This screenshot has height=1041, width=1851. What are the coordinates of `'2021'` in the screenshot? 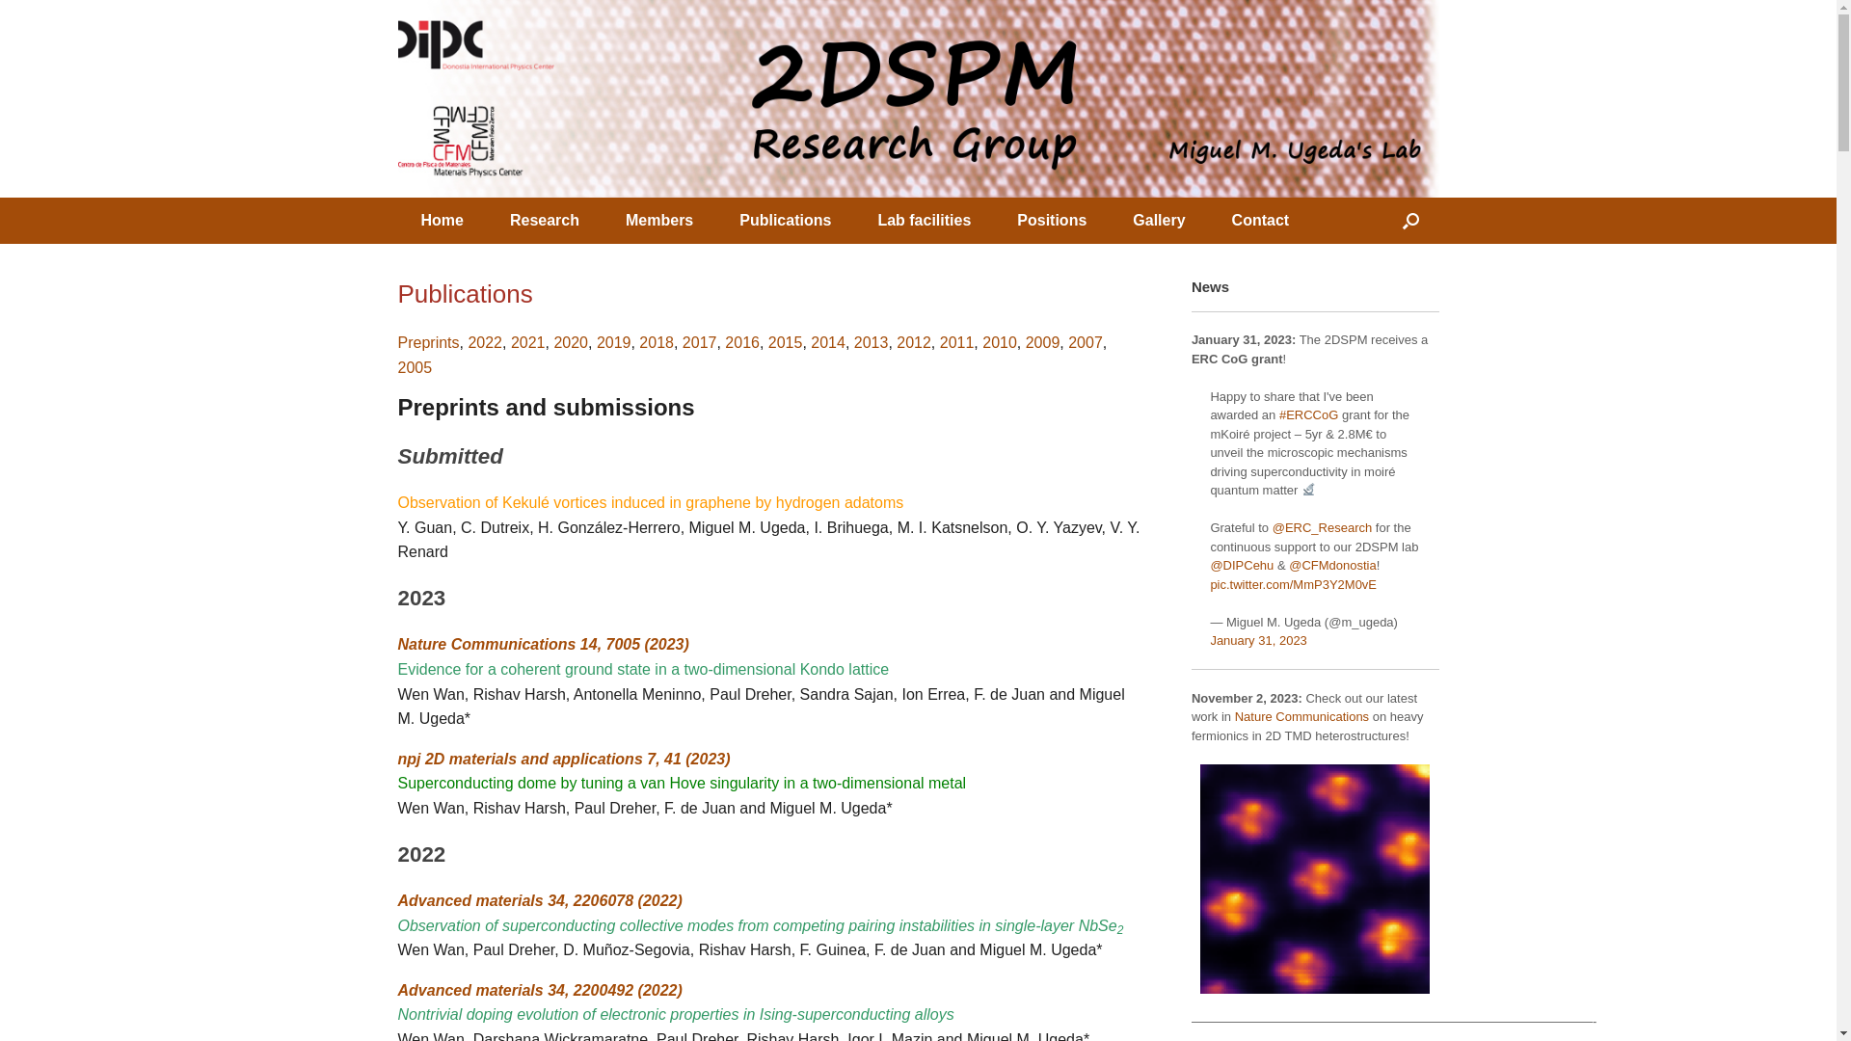 It's located at (527, 341).